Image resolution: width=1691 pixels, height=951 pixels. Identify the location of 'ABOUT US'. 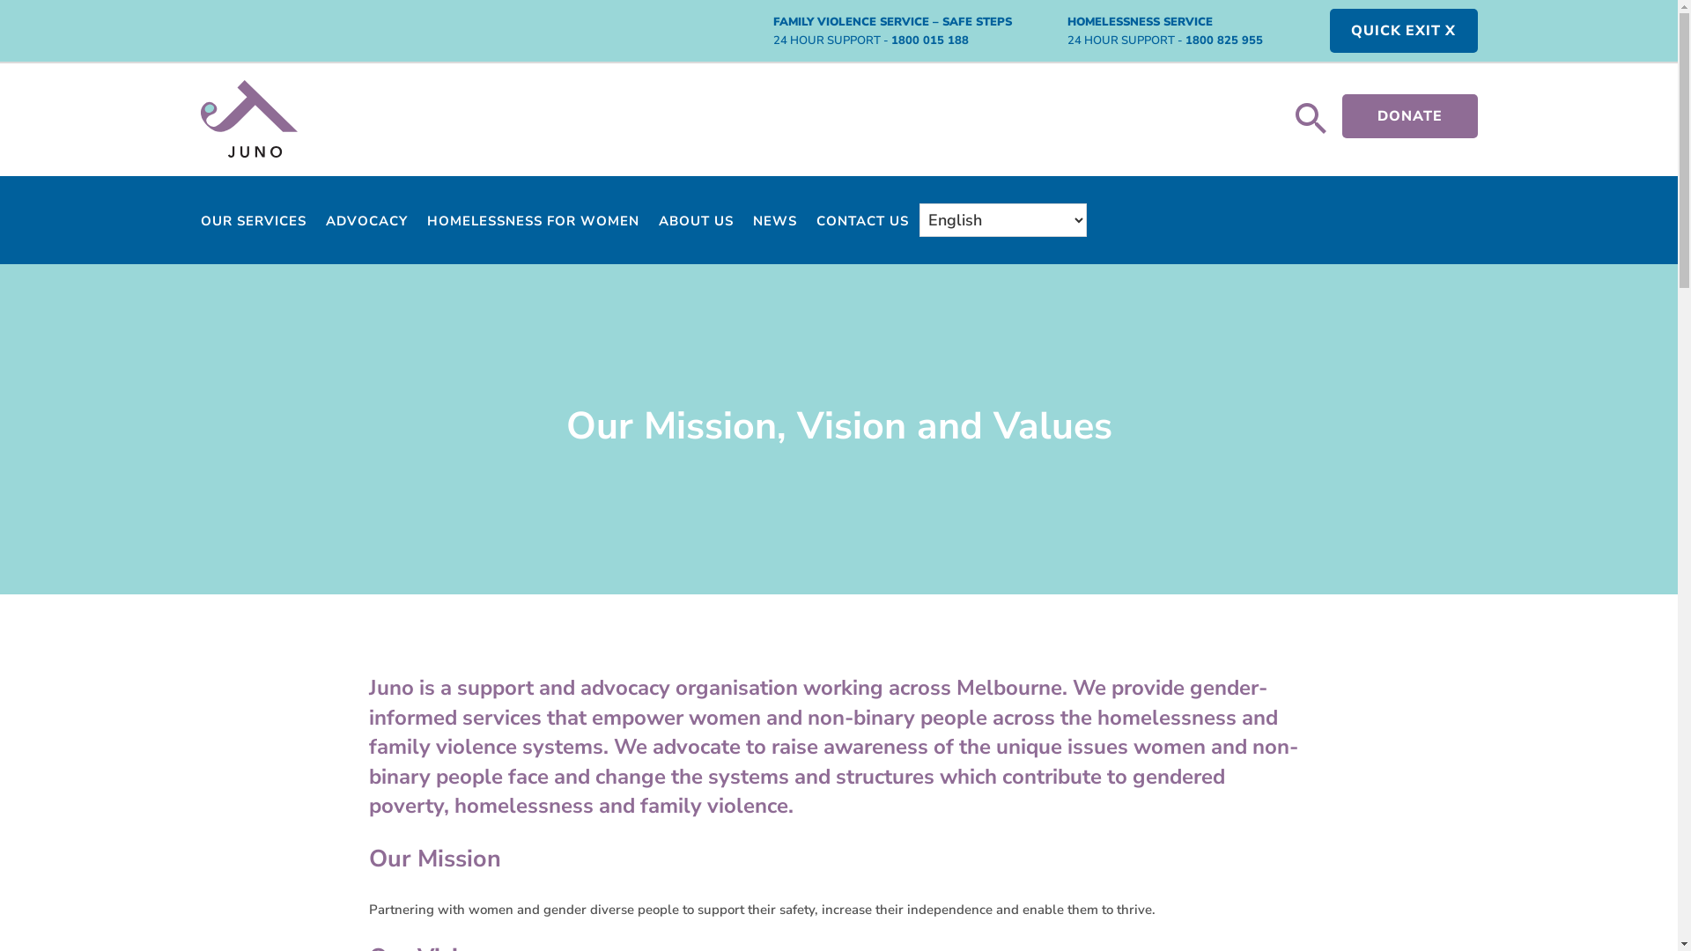
(658, 222).